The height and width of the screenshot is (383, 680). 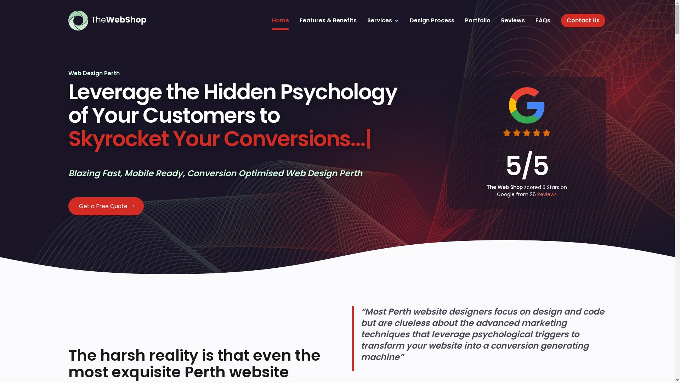 I want to click on 'Get a Free Quote', so click(x=105, y=206).